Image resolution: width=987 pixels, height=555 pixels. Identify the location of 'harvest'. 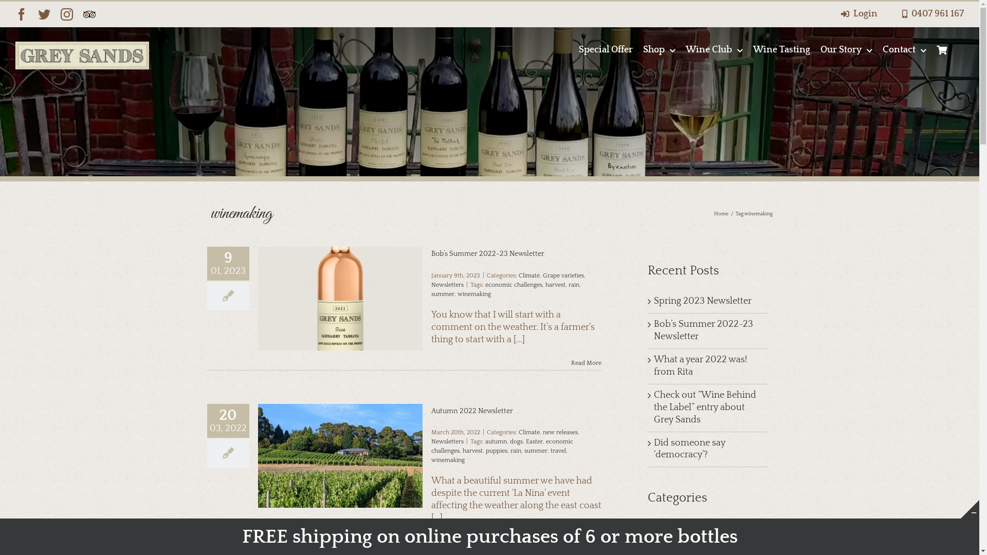
(554, 285).